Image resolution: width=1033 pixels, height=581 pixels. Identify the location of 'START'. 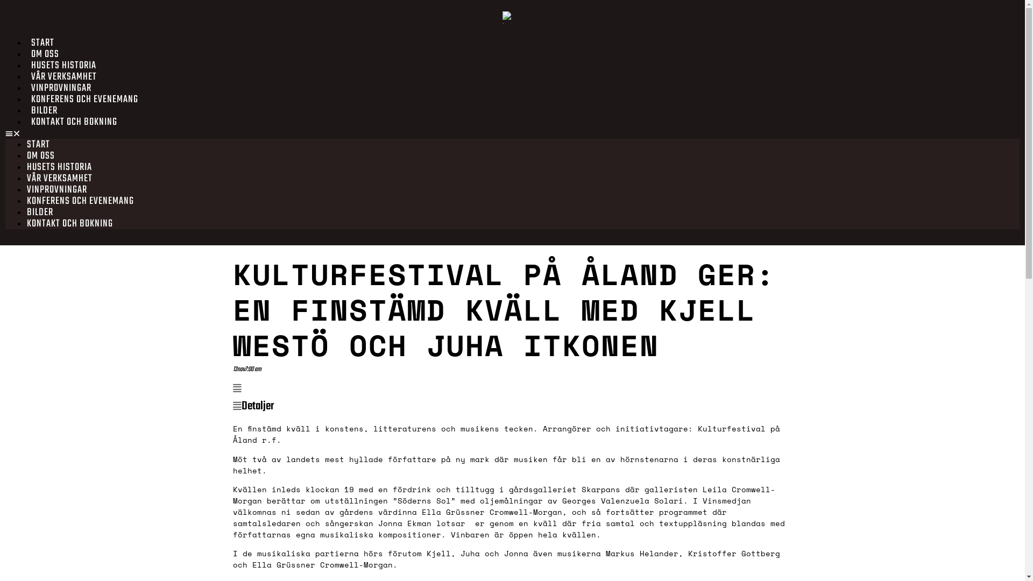
(43, 42).